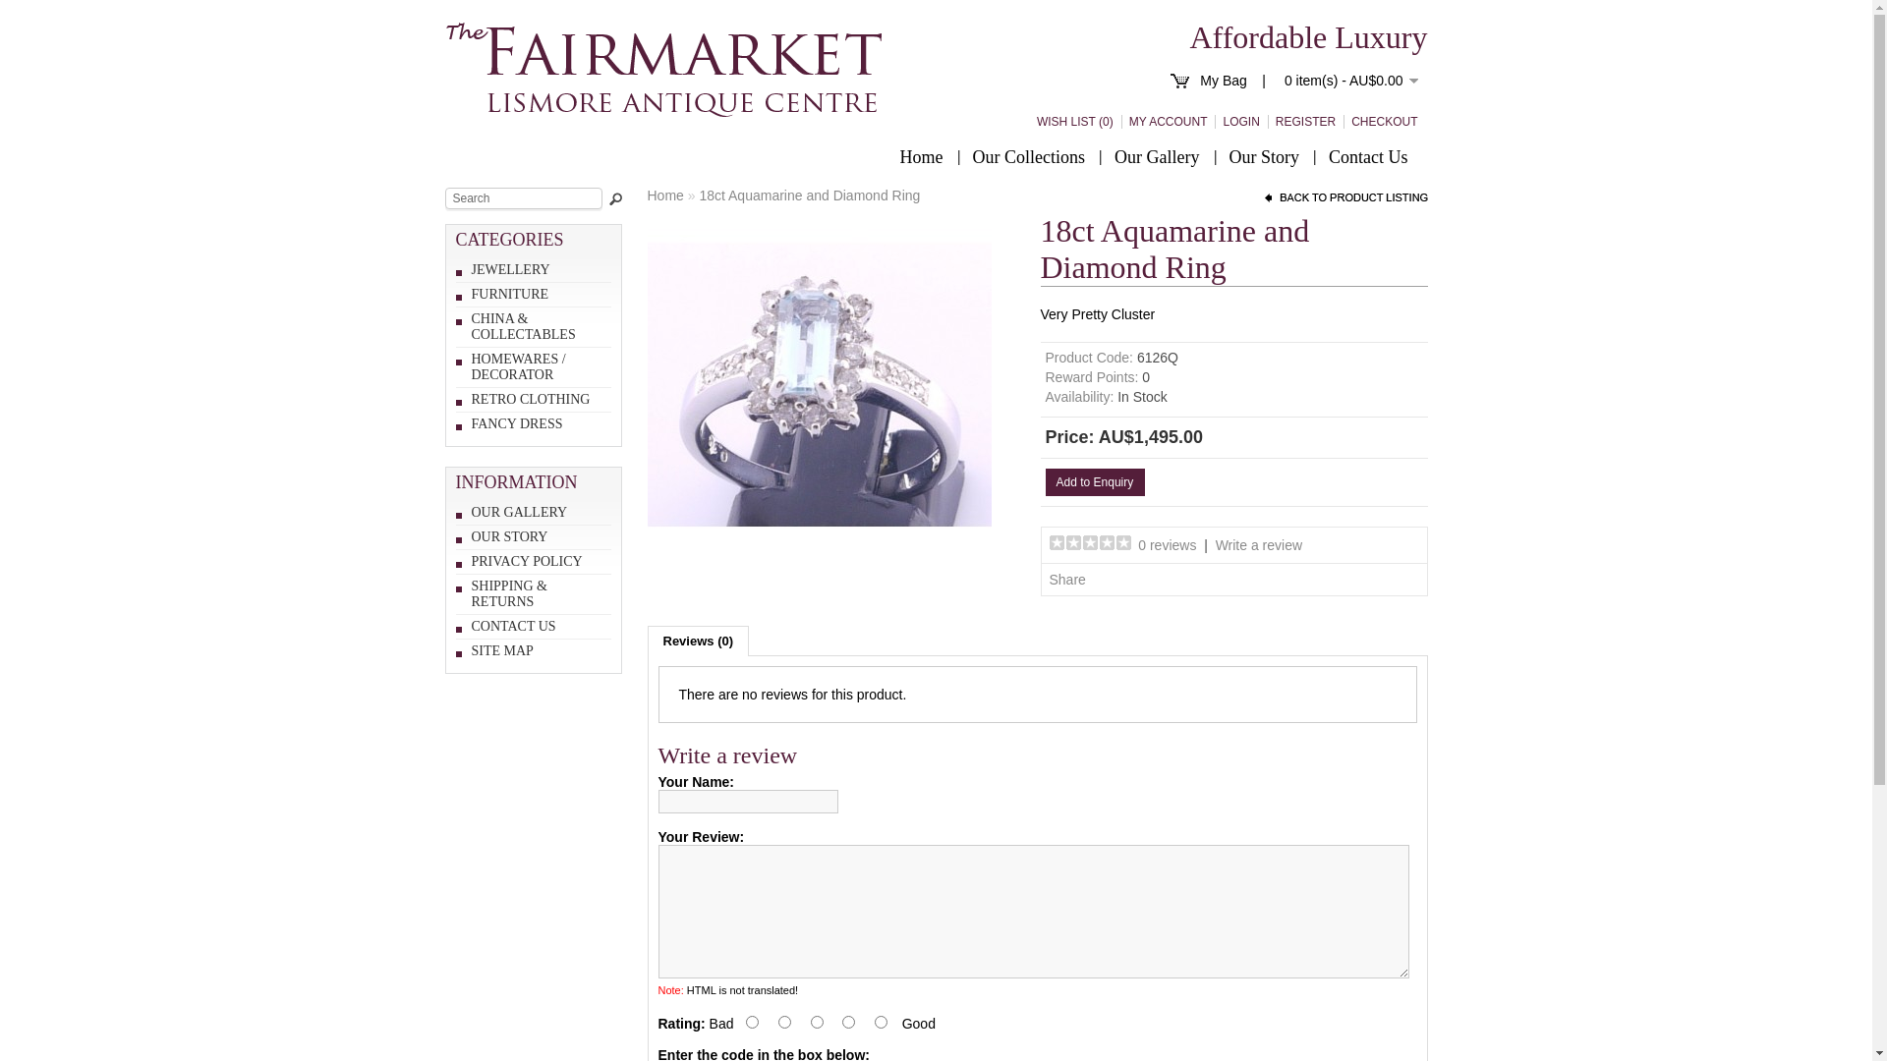  Describe the element at coordinates (920, 155) in the screenshot. I see `'Home'` at that location.